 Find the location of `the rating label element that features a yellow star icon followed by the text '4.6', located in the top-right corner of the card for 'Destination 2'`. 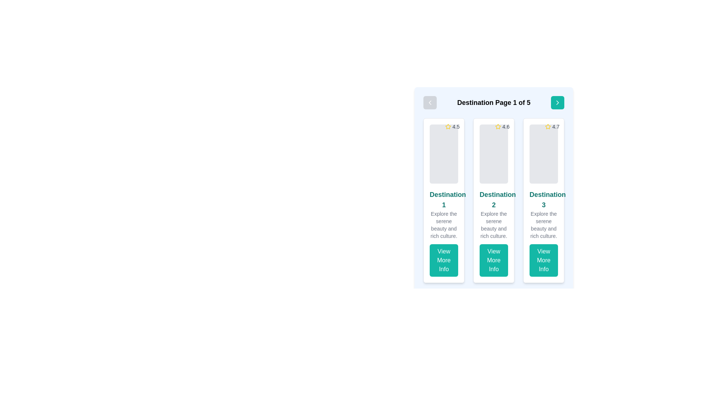

the rating label element that features a yellow star icon followed by the text '4.6', located in the top-right corner of the card for 'Destination 2' is located at coordinates (502, 126).